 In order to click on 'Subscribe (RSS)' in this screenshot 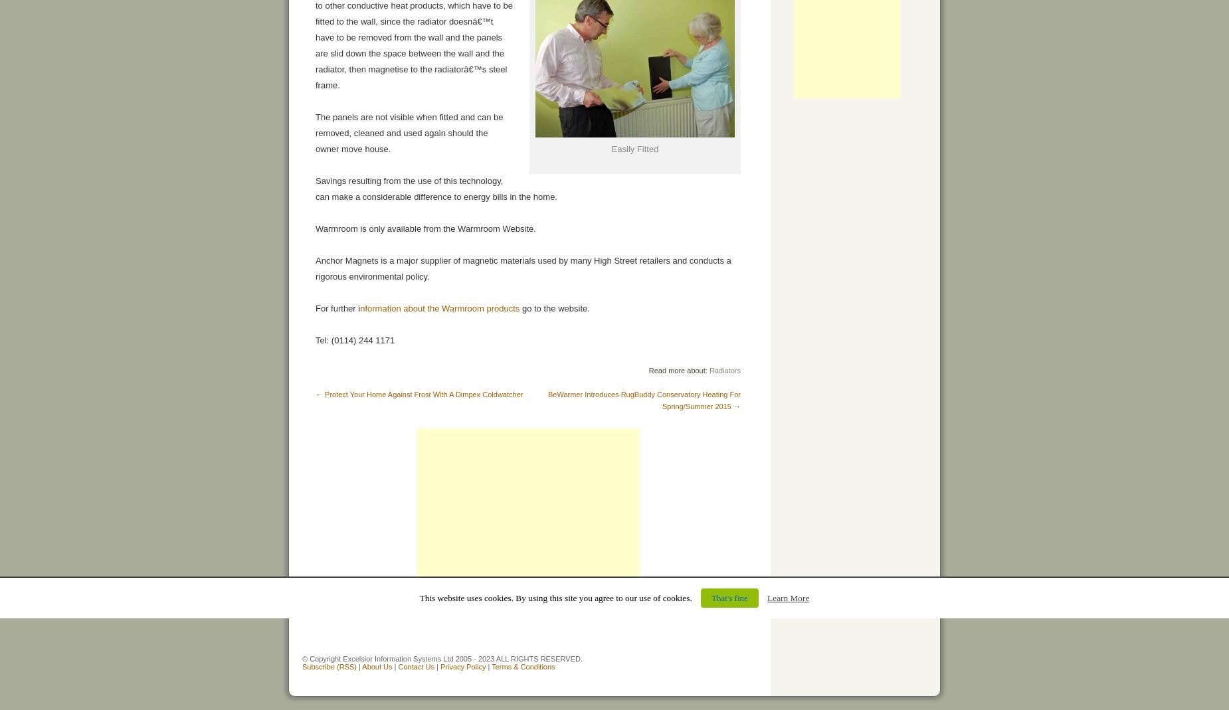, I will do `click(329, 667)`.